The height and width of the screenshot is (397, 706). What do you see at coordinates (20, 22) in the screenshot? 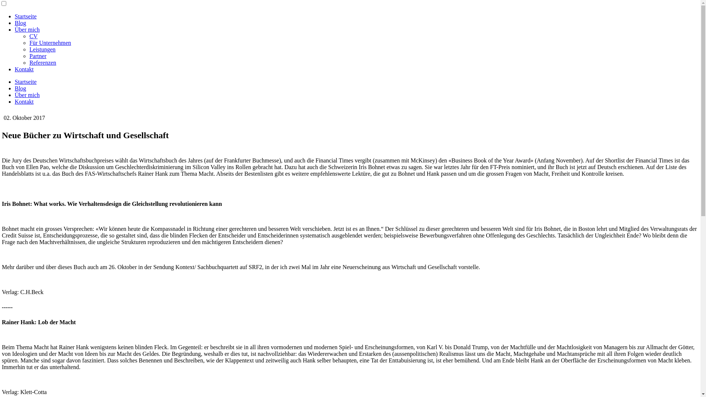
I see `'Blog'` at bounding box center [20, 22].